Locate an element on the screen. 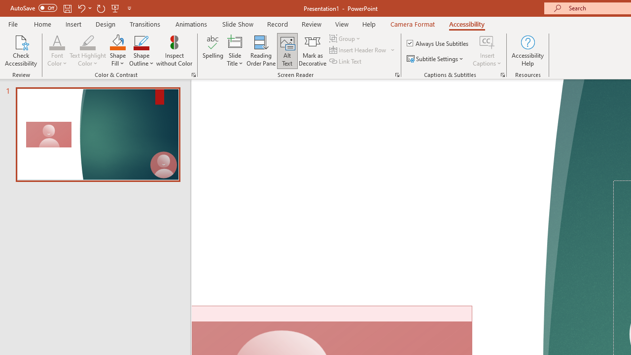  'Camera Format' is located at coordinates (413, 24).